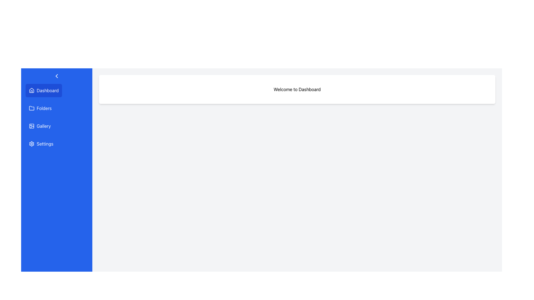  I want to click on the Settings icon located on the left side navigation bar, so click(31, 143).